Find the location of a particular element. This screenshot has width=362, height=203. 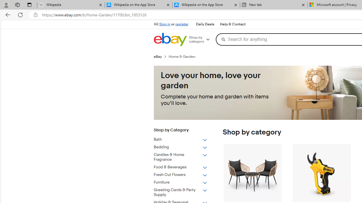

'Back' is located at coordinates (7, 14).